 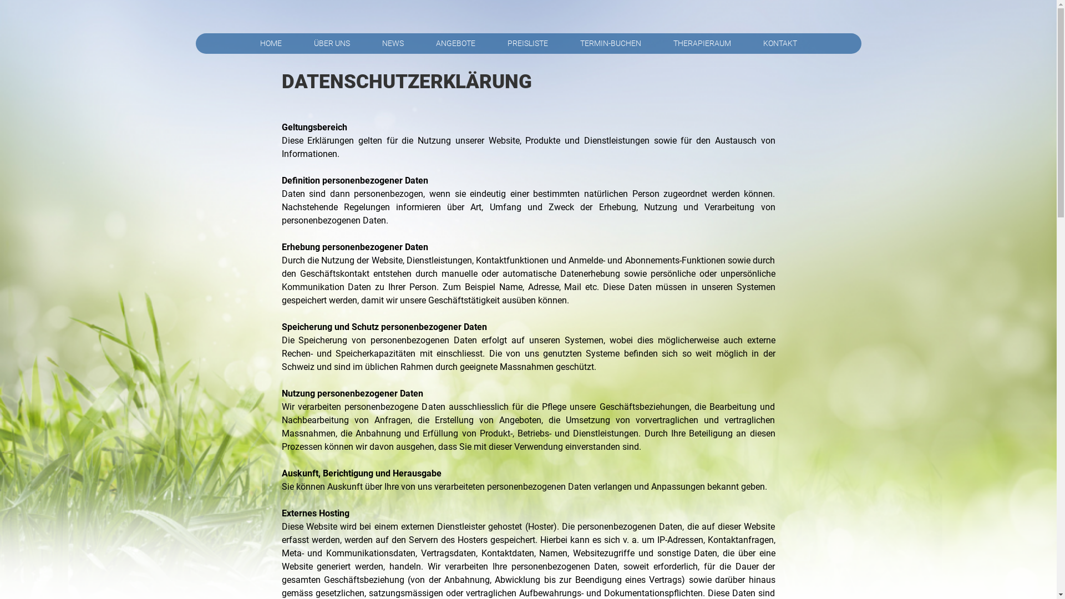 What do you see at coordinates (701, 43) in the screenshot?
I see `'THERAPIERAUM'` at bounding box center [701, 43].